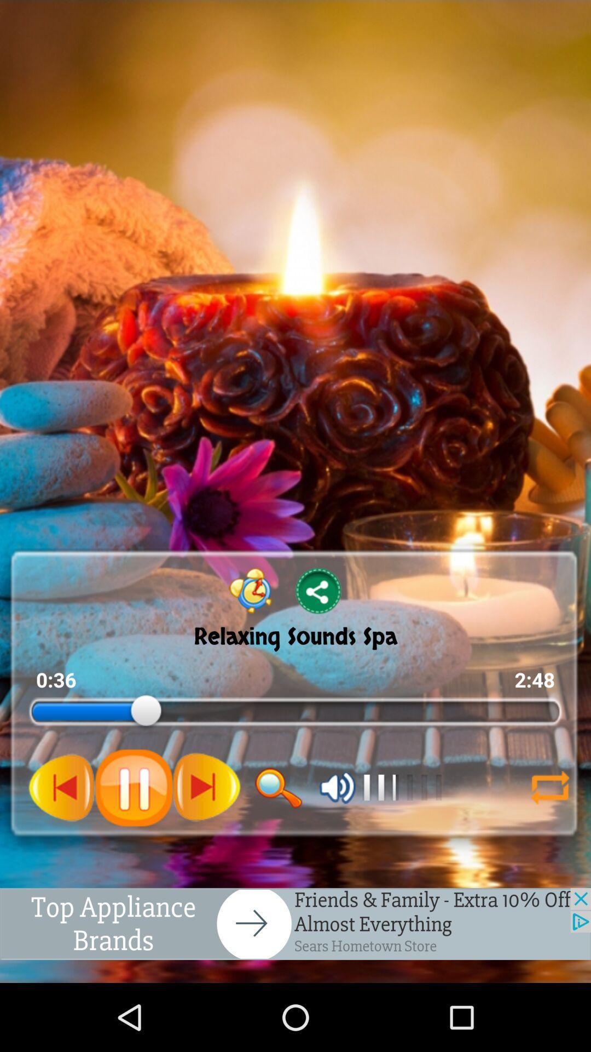 The height and width of the screenshot is (1052, 591). I want to click on pause button, so click(134, 787).